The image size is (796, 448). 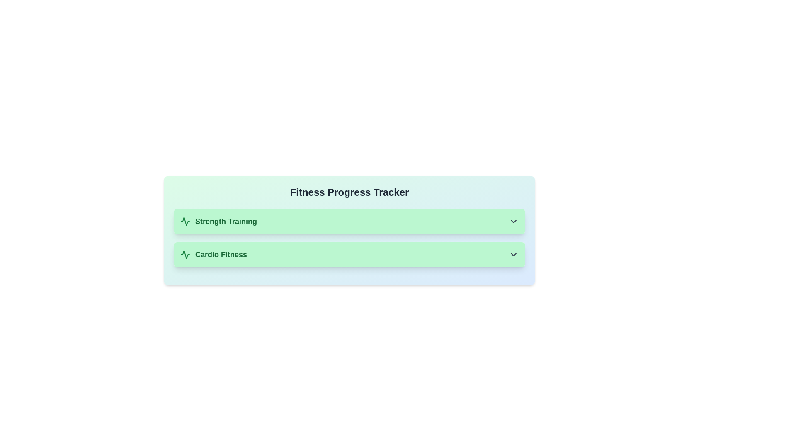 What do you see at coordinates (226, 221) in the screenshot?
I see `text label indicating the category 'Strength Training' located in the upper third of the menu items under the 'Fitness Progress Tracker' header` at bounding box center [226, 221].